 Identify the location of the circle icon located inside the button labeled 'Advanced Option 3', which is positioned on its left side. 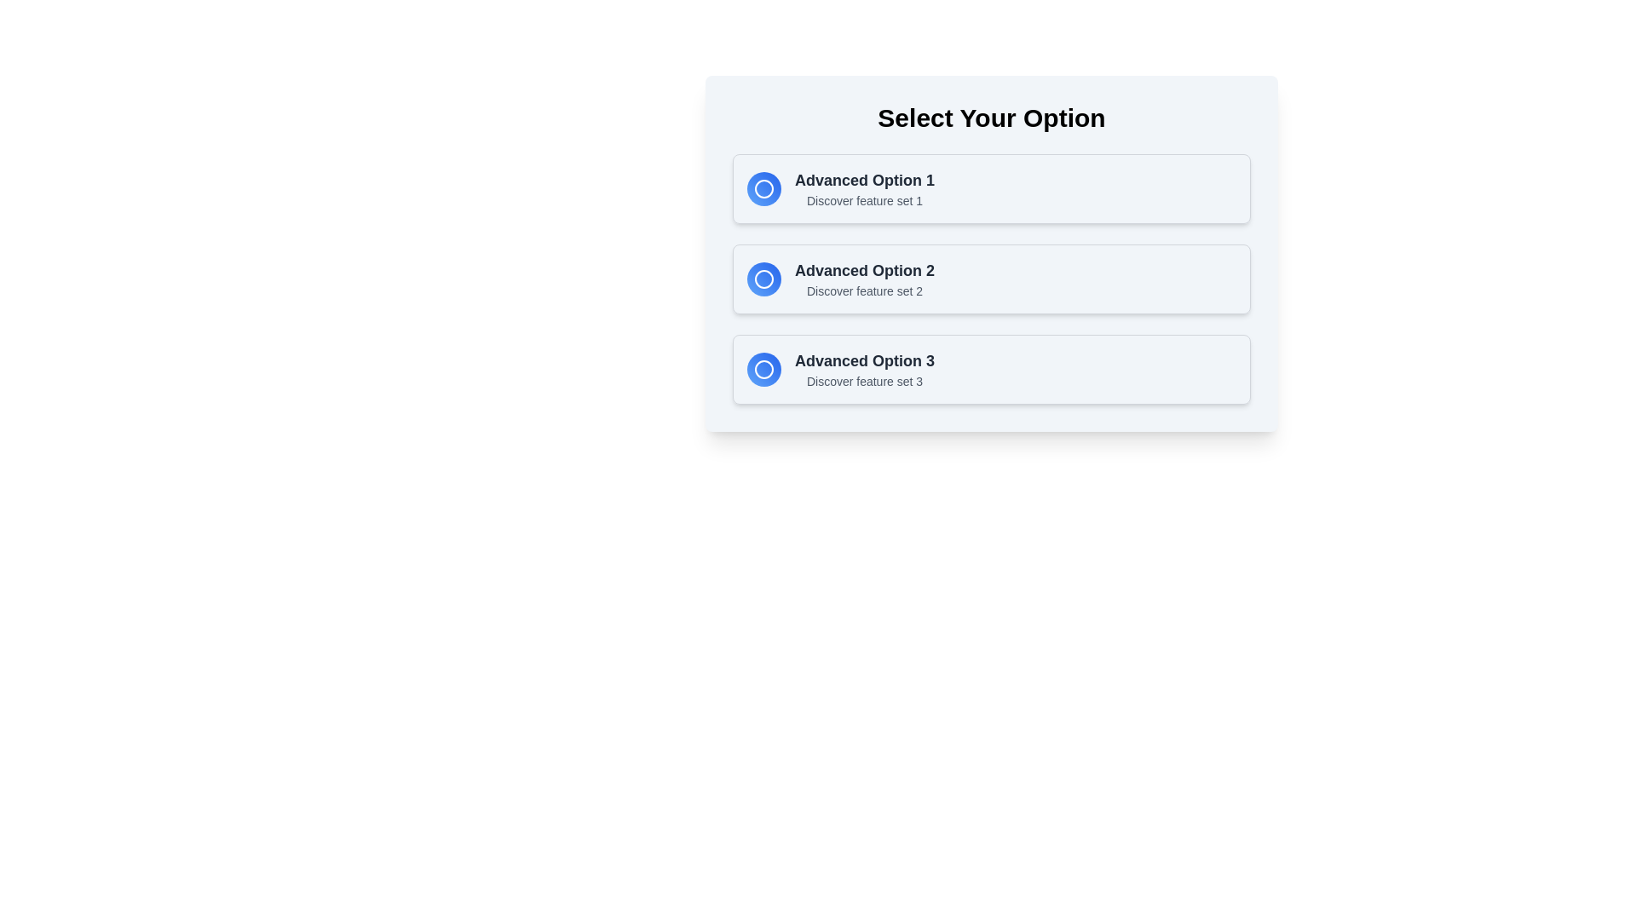
(763, 369).